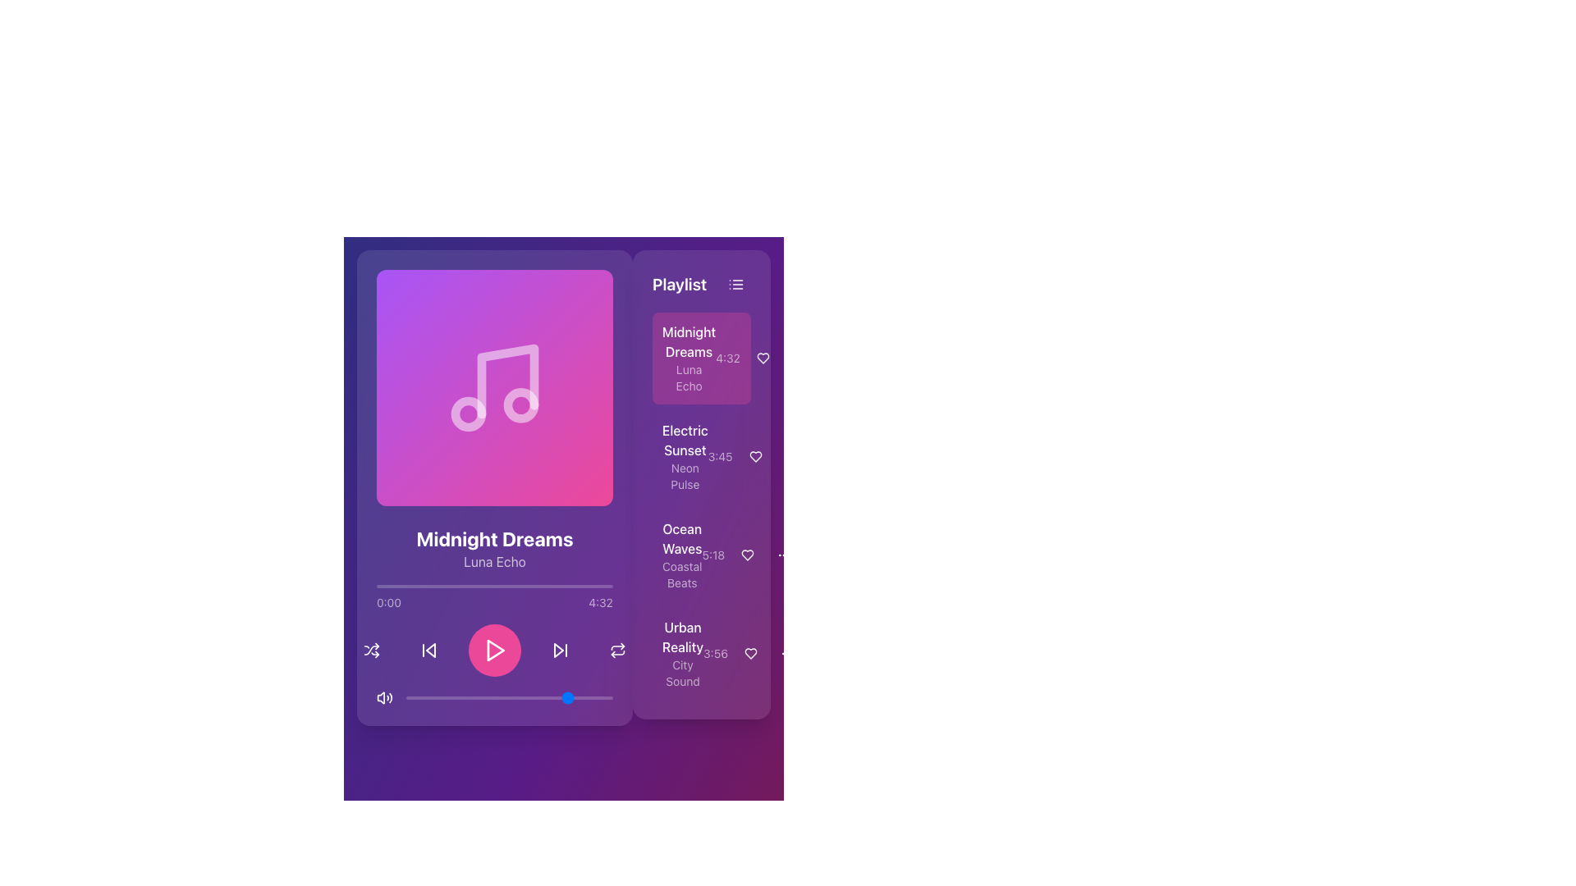  I want to click on the heart-shaped icon button to like or unlike the 'Ocean Waves' track in the playlist panel, so click(747, 555).